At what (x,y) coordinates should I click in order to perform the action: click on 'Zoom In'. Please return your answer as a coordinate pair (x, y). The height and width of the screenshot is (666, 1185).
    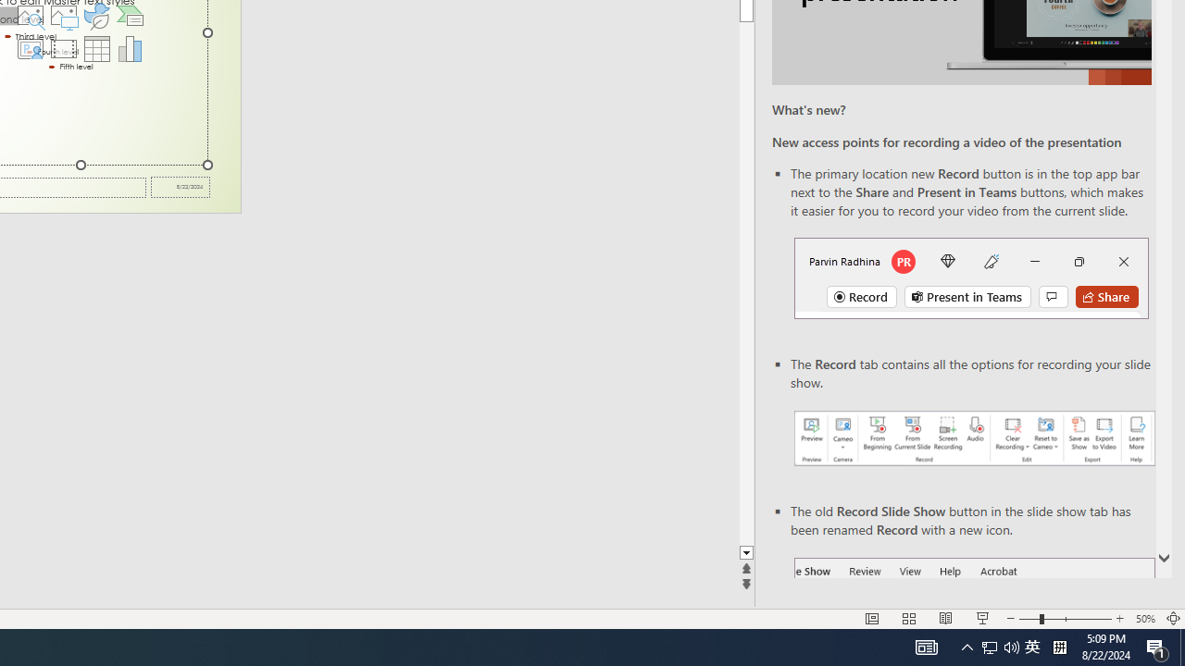
    Looking at the image, I should click on (1118, 619).